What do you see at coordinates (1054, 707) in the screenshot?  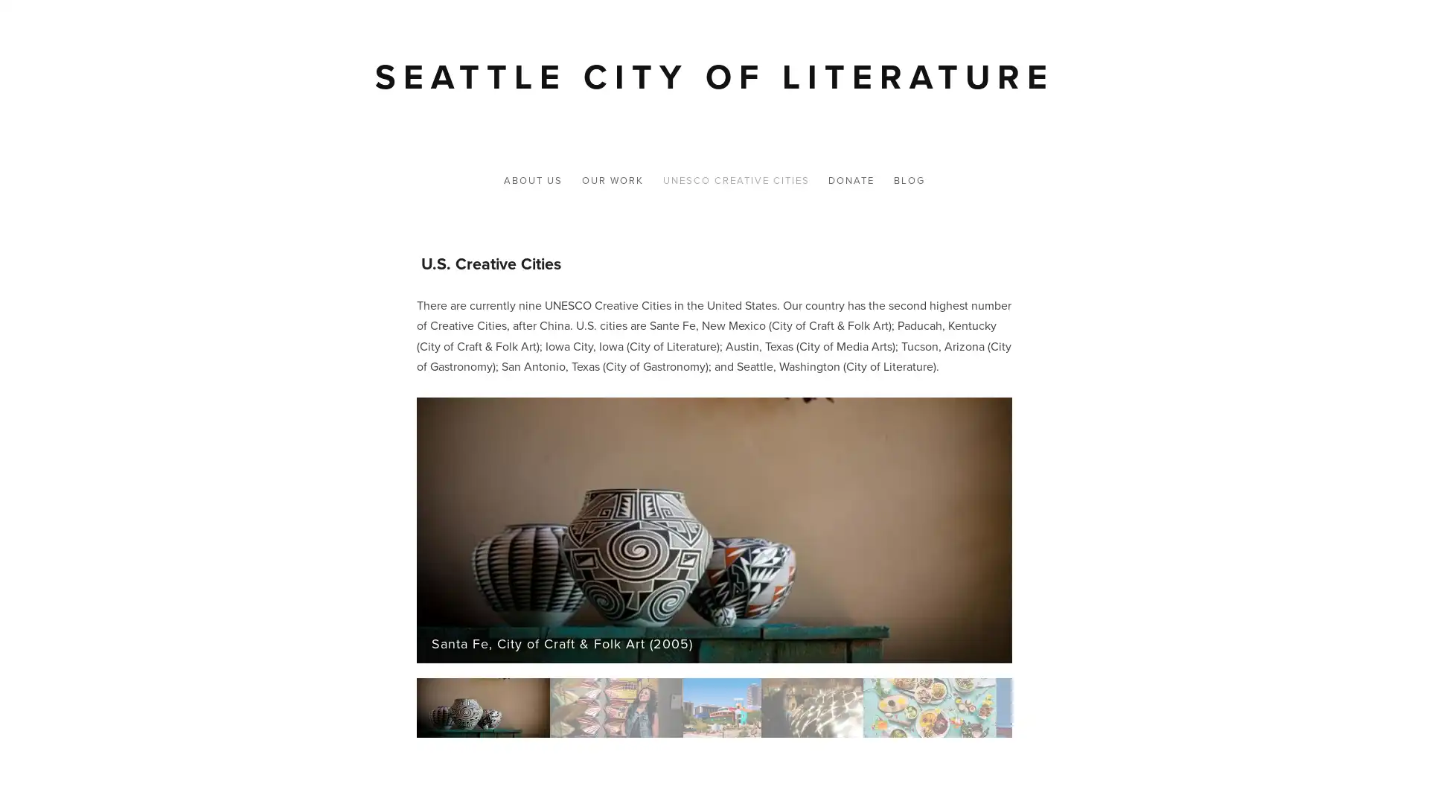 I see `Slide 6` at bounding box center [1054, 707].